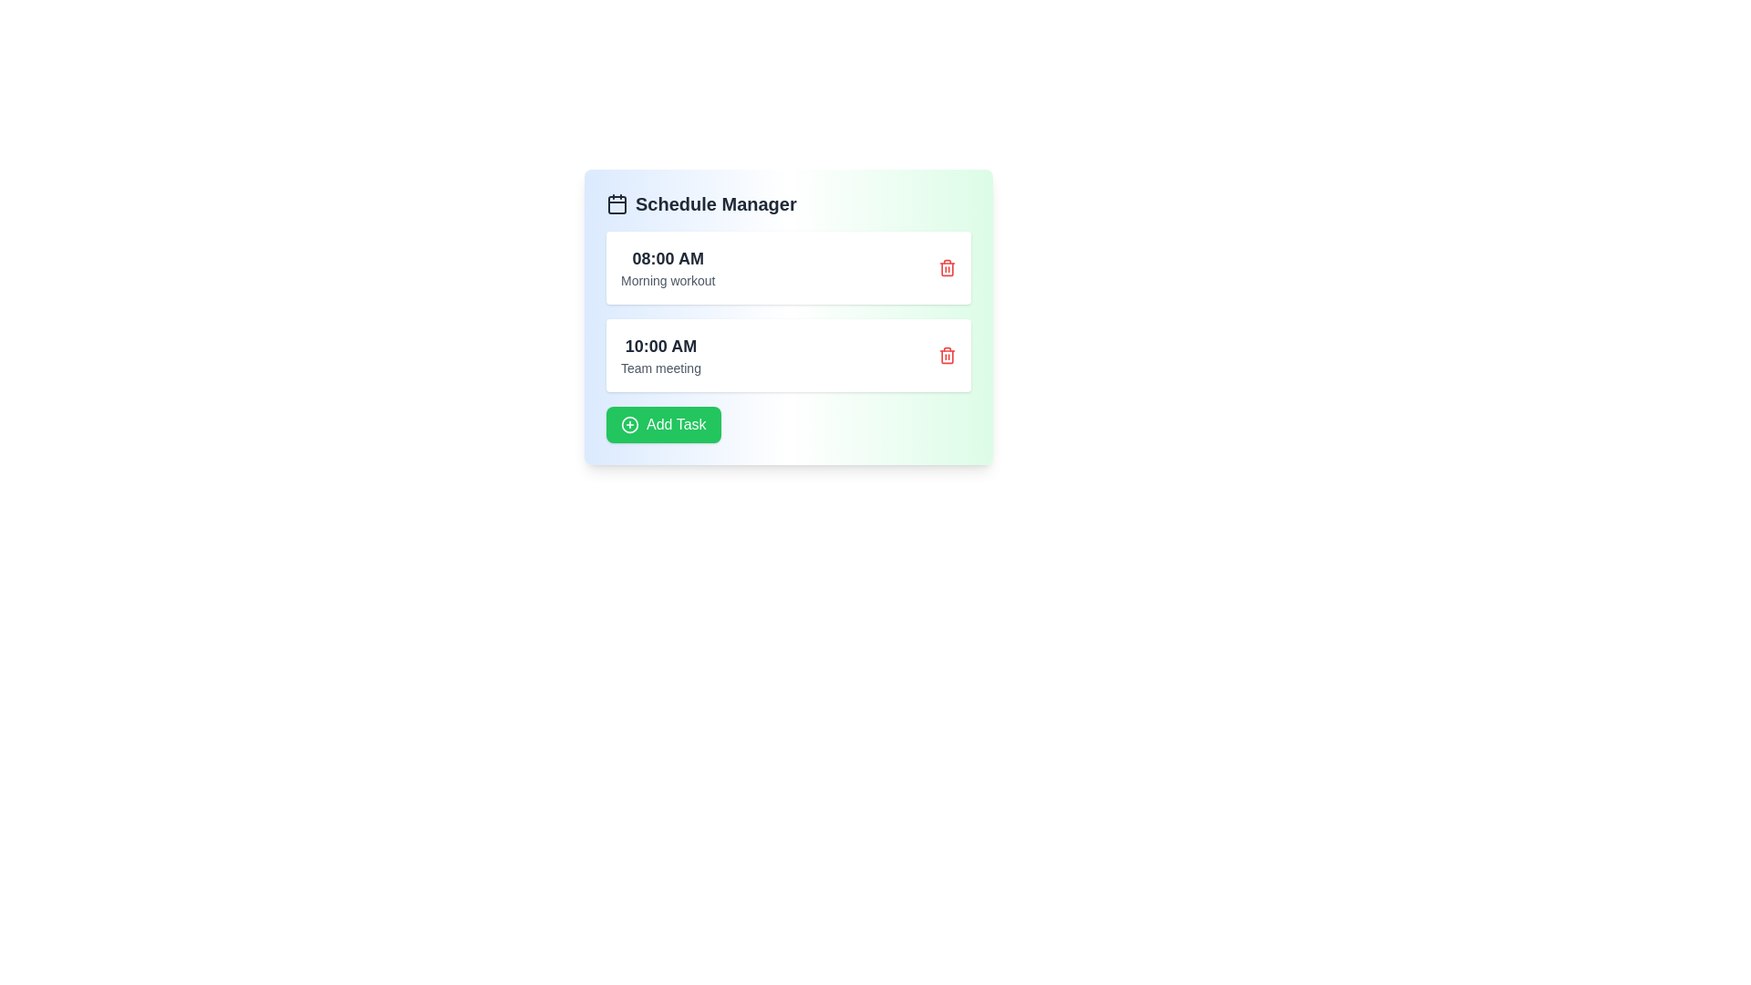 The height and width of the screenshot is (985, 1751). What do you see at coordinates (947, 267) in the screenshot?
I see `the task corresponding to 1` at bounding box center [947, 267].